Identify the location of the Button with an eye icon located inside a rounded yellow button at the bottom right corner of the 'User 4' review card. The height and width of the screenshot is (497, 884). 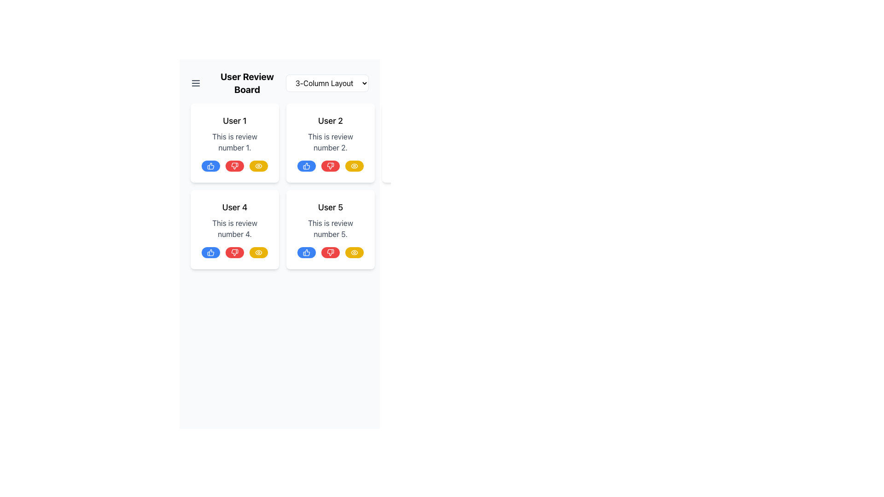
(354, 252).